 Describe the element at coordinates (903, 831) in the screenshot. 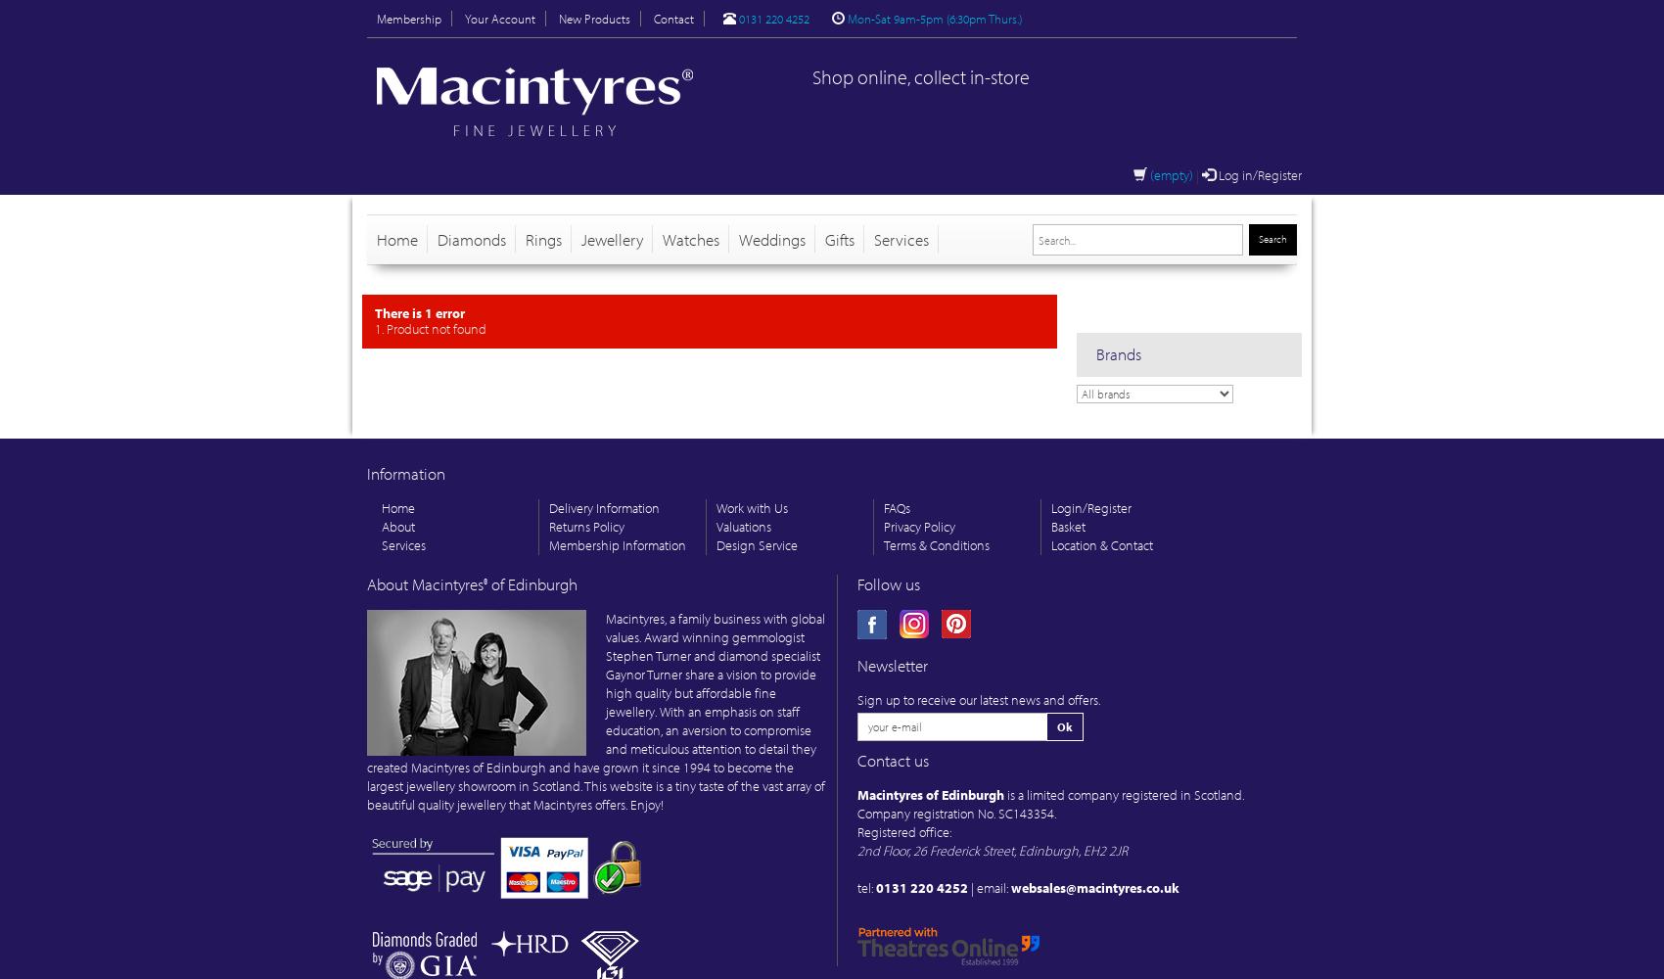

I see `'Registered office:'` at that location.